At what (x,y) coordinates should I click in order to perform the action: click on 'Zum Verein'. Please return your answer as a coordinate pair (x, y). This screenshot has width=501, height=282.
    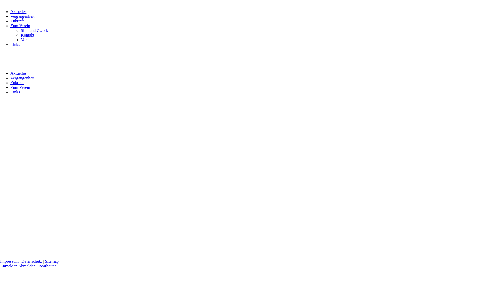
    Looking at the image, I should click on (20, 87).